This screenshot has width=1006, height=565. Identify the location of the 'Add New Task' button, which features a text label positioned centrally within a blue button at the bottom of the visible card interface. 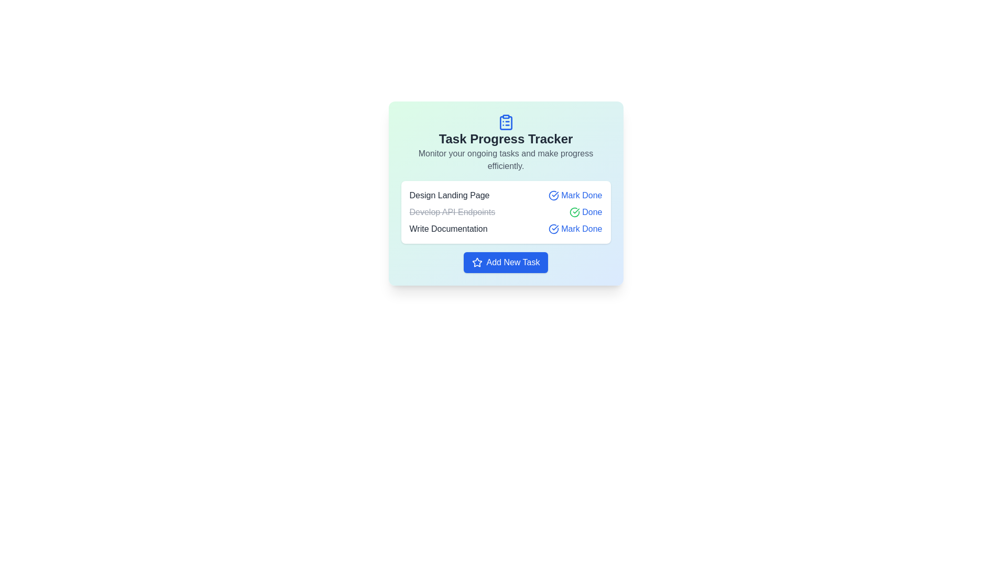
(513, 262).